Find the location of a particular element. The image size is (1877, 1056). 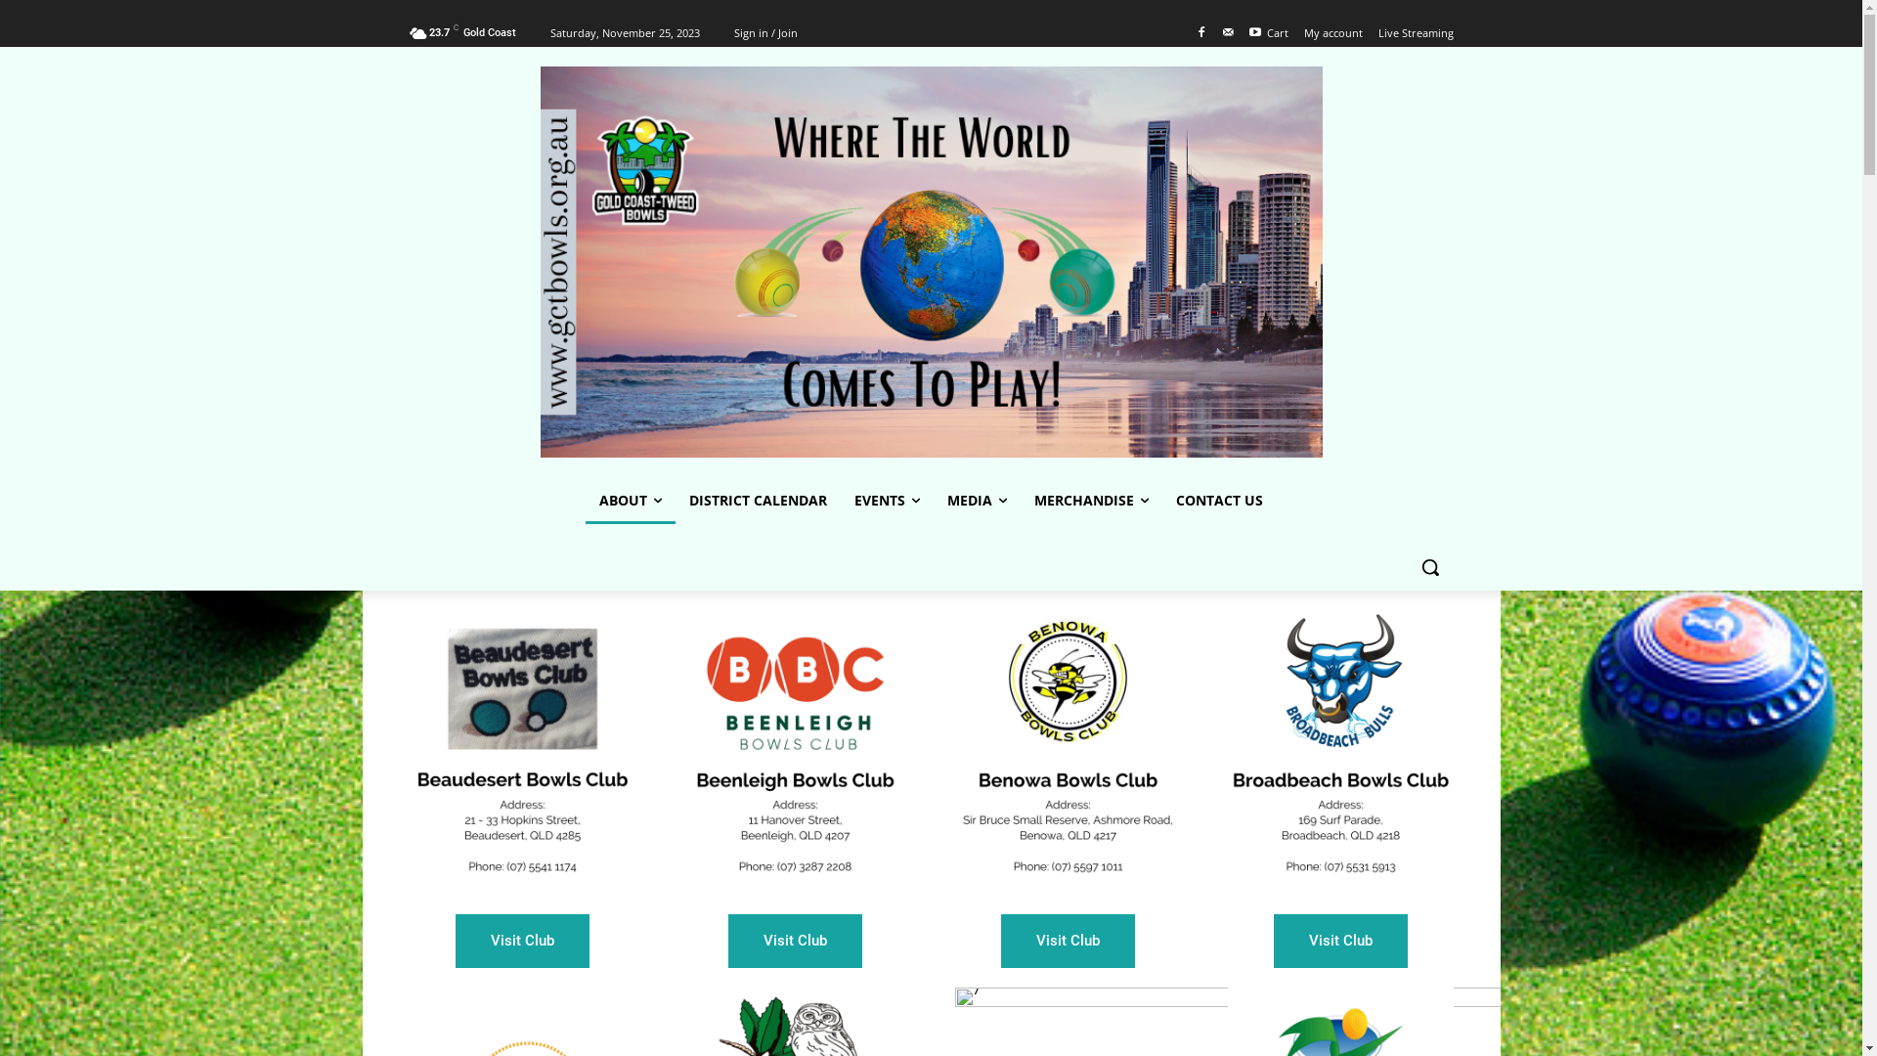

'Cart' is located at coordinates (1277, 33).